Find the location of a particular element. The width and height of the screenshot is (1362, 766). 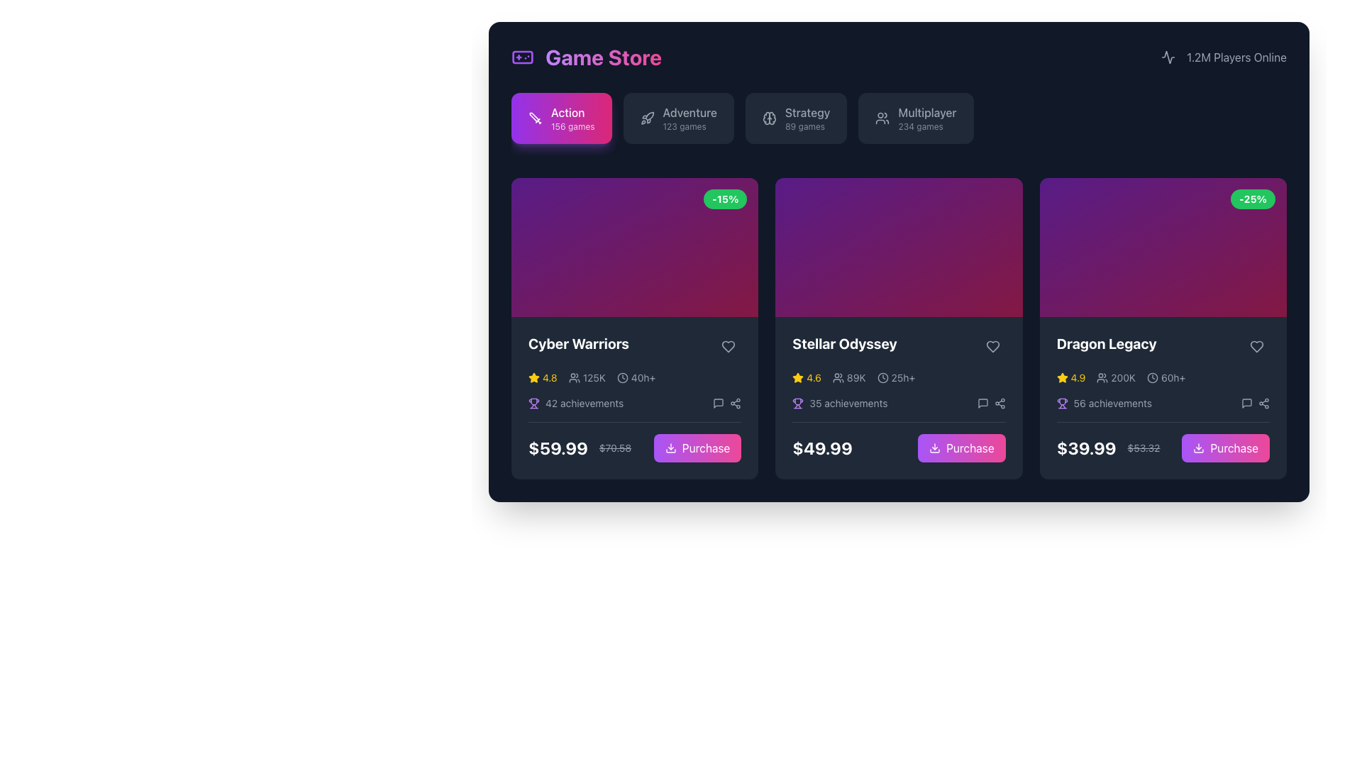

the favorite toggle icon button located at the upper right corner of the 'Stellar Odyssey' content card to like or unlike the associated game or item is located at coordinates (992, 346).